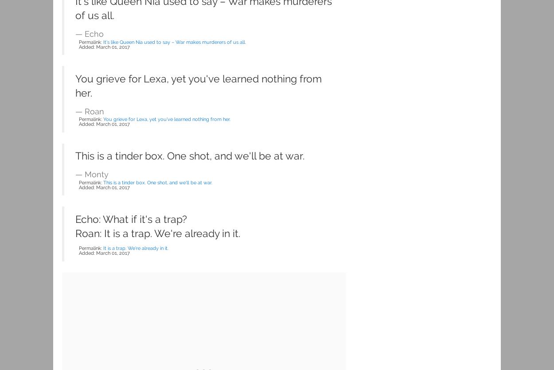 This screenshot has height=370, width=554. Describe the element at coordinates (96, 174) in the screenshot. I see `'Monty'` at that location.